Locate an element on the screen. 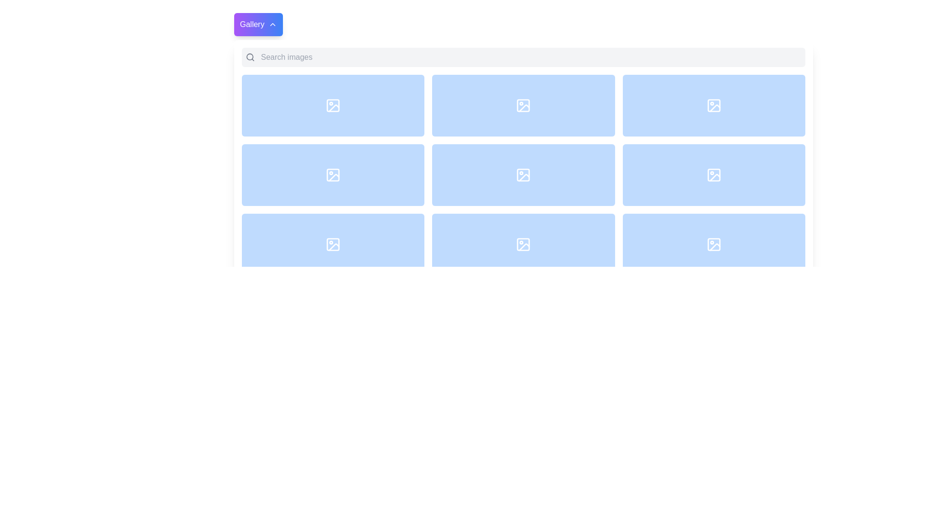 This screenshot has width=927, height=521. the search icon located to the left of the 'Search images' input field in the top horizontal bar of the application is located at coordinates (250, 57).